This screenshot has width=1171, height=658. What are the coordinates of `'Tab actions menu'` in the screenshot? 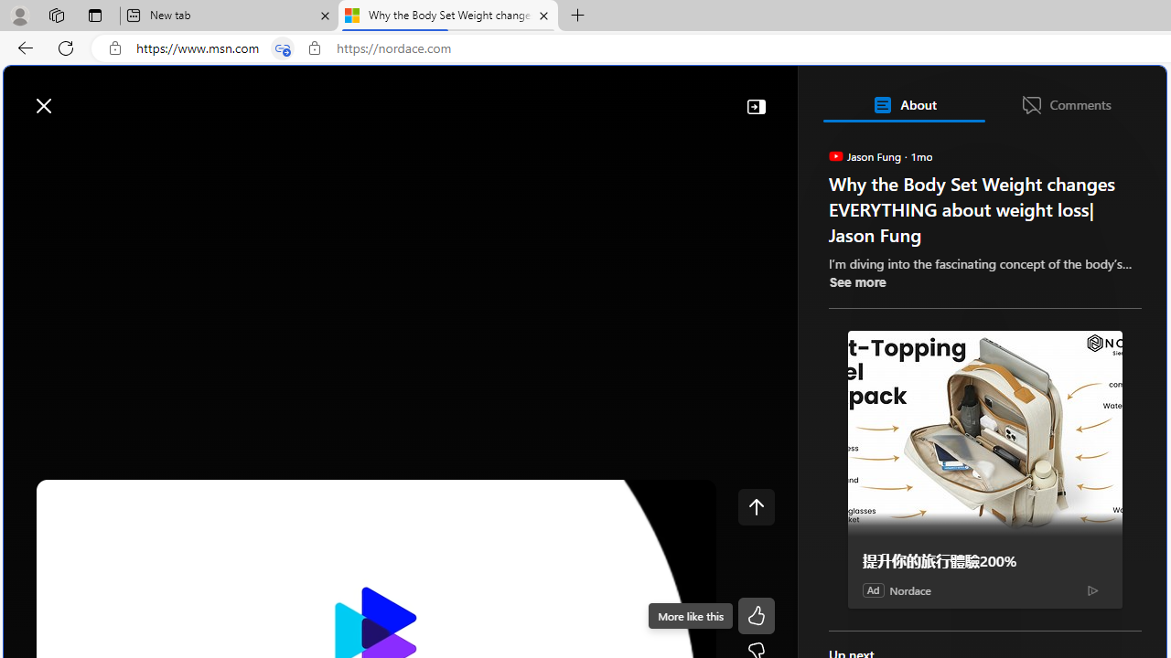 It's located at (94, 15).